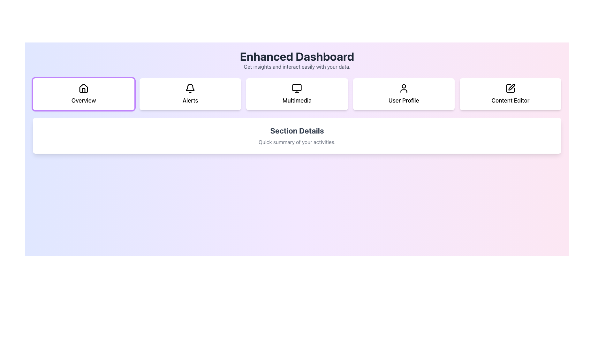  What do you see at coordinates (190, 94) in the screenshot?
I see `the 'Alerts' button, which features a white background, rounded corners, and a black bell icon above the text` at bounding box center [190, 94].